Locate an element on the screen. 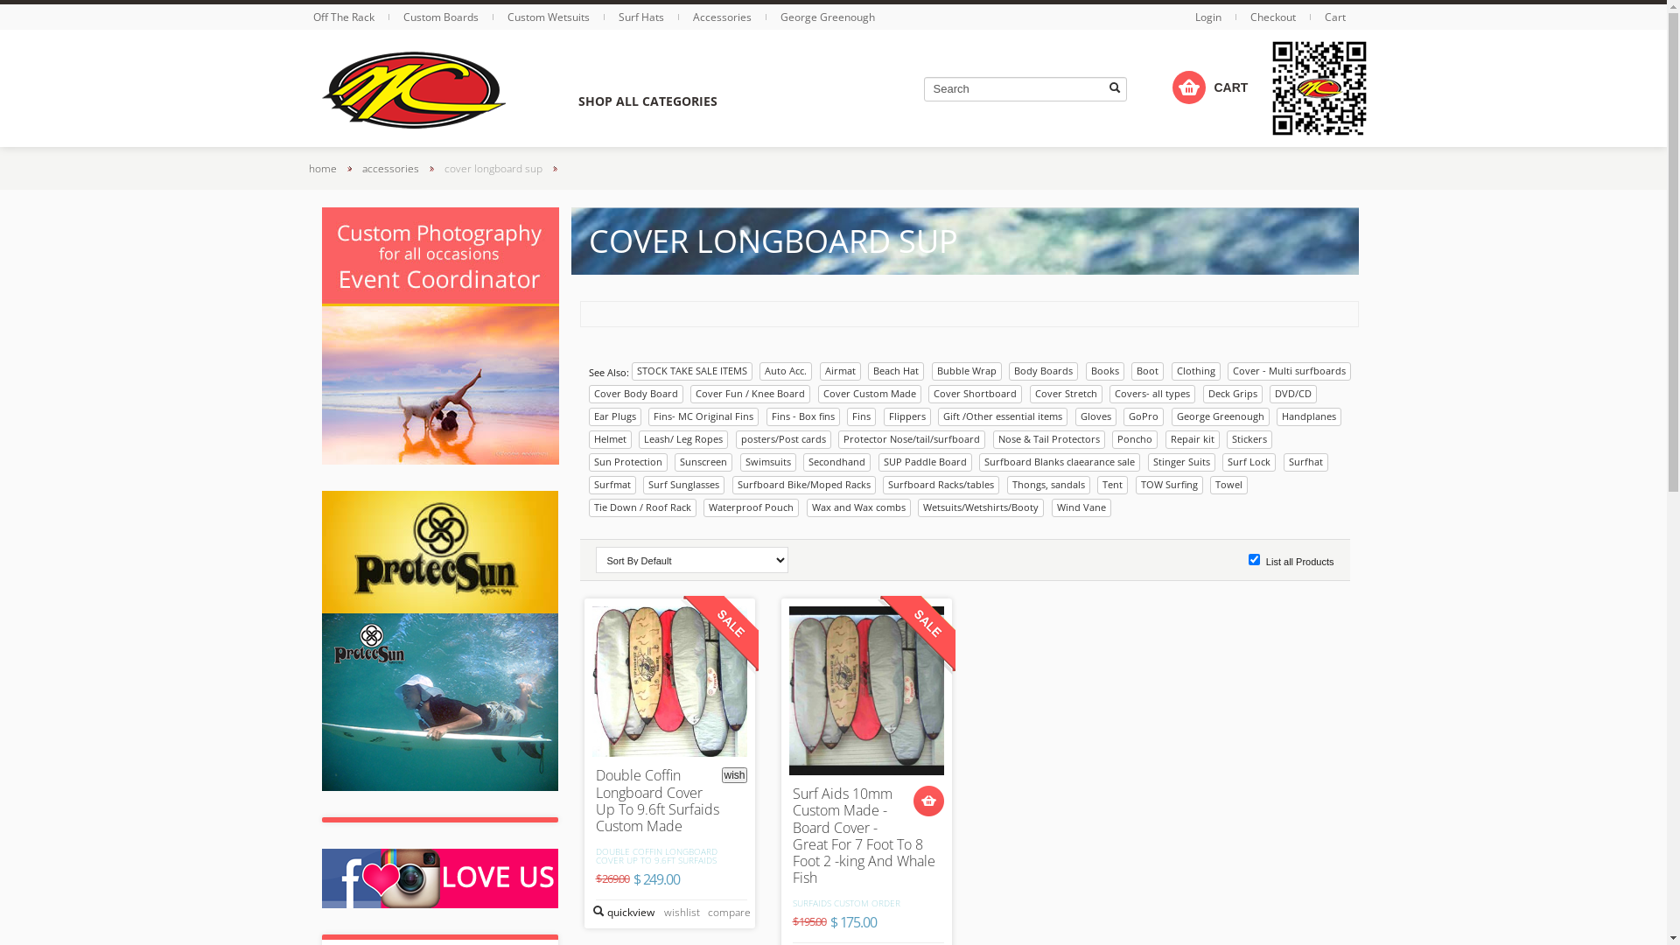 The image size is (1680, 945). 'Poncho' is located at coordinates (1111, 438).